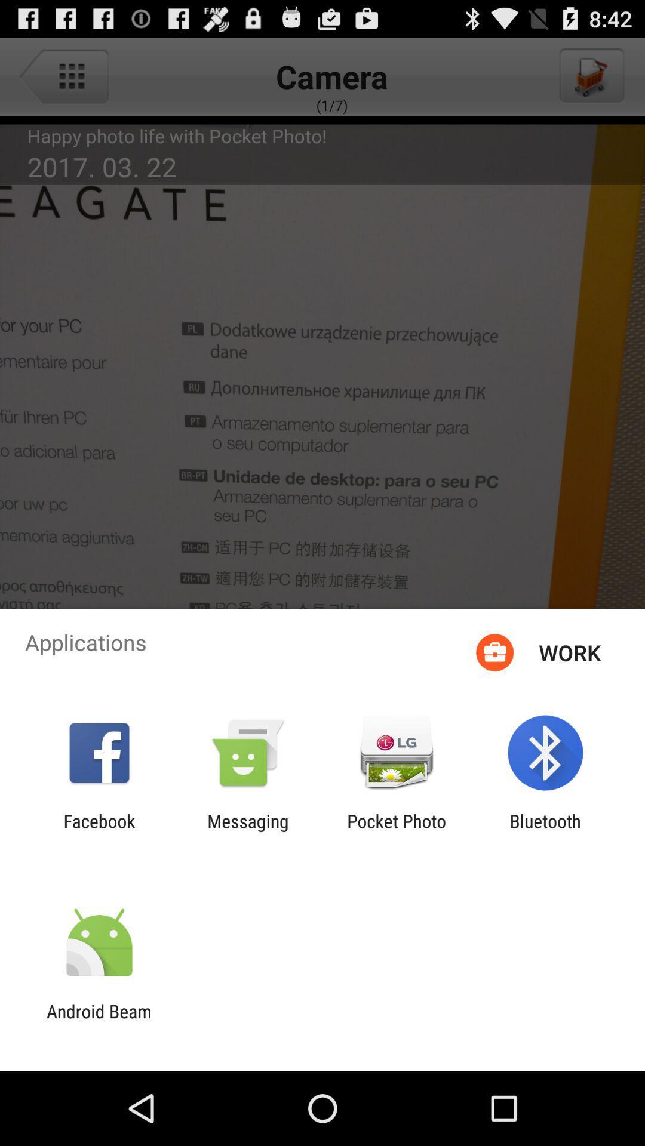 Image resolution: width=645 pixels, height=1146 pixels. What do you see at coordinates (247, 831) in the screenshot?
I see `the app to the left of the pocket photo icon` at bounding box center [247, 831].